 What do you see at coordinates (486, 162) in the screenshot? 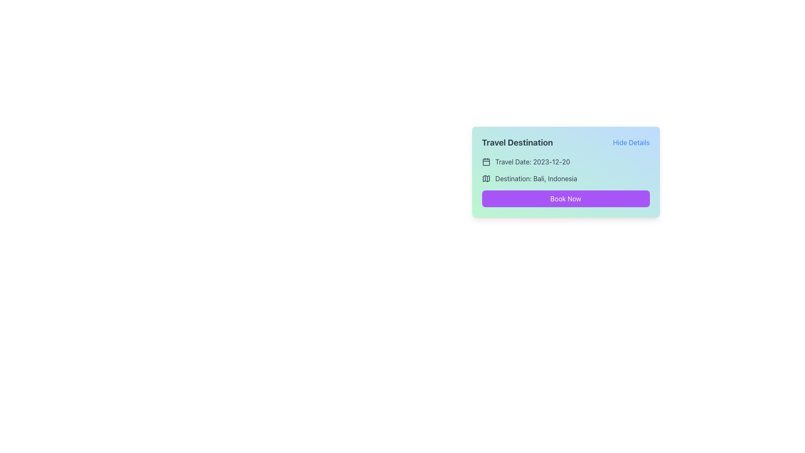
I see `the small rectangular component within the calendar icon, which is centrally positioned and has a 2px rounded corner radius, located next to the label 'Travel Date: 2023-12-20'` at bounding box center [486, 162].